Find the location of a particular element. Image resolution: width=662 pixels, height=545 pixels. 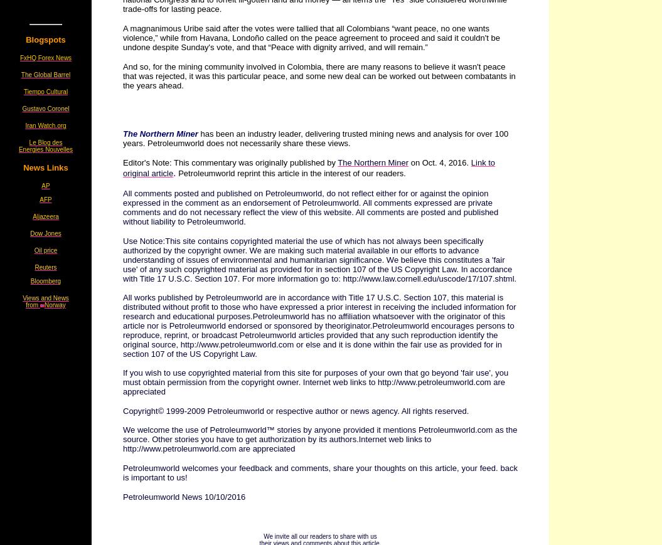

'Blogspots' is located at coordinates (26, 39).